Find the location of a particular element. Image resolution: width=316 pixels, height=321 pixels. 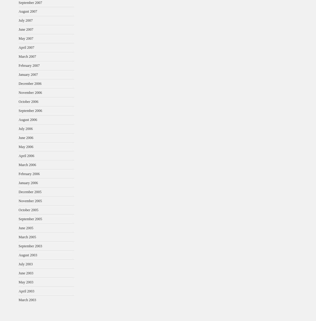

'January 2006' is located at coordinates (28, 183).